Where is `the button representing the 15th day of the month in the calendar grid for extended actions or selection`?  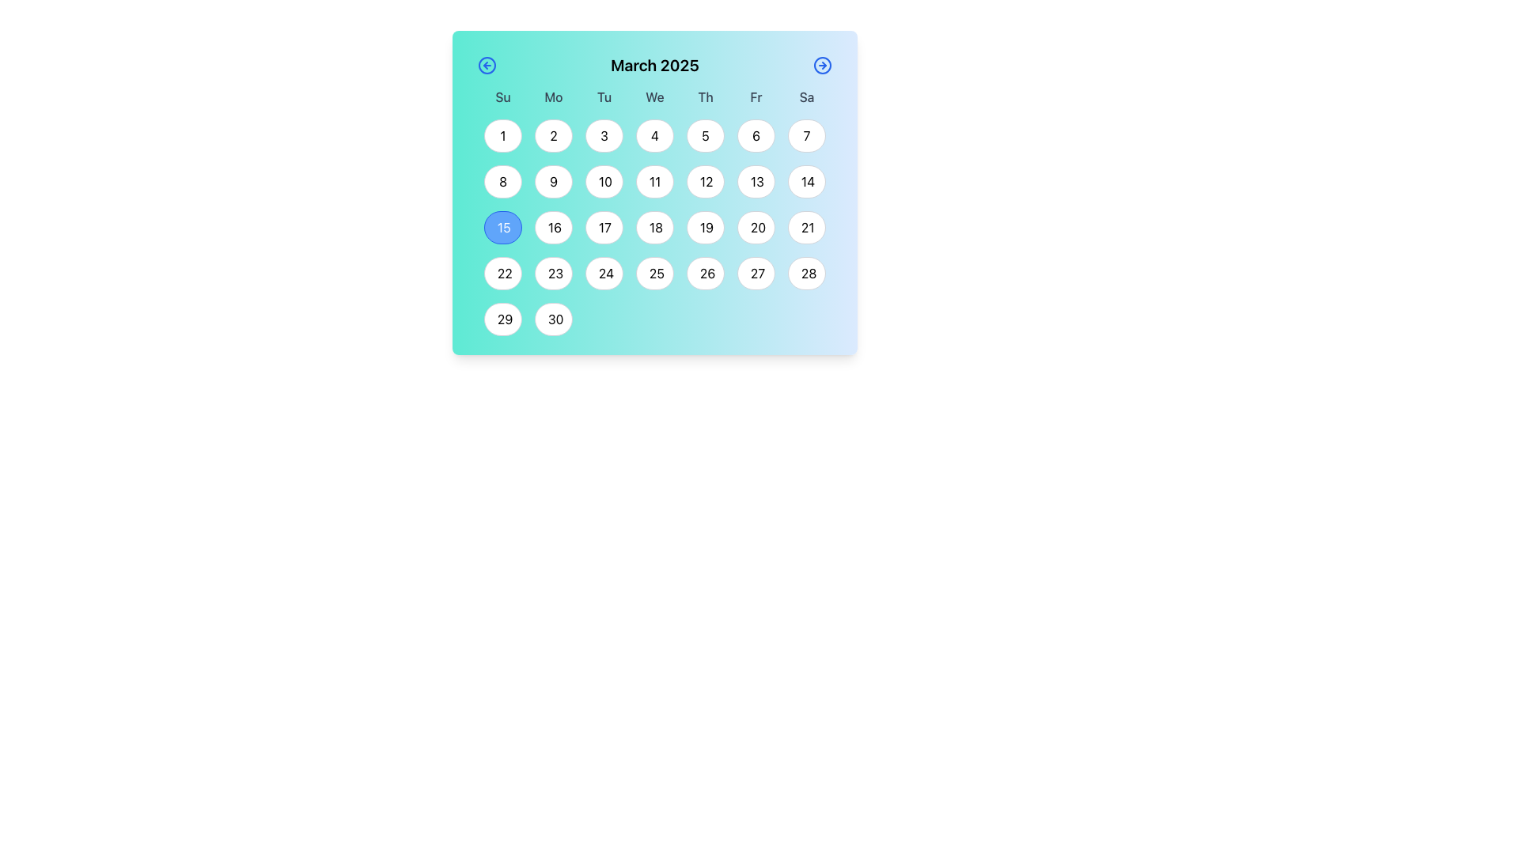 the button representing the 15th day of the month in the calendar grid for extended actions or selection is located at coordinates (502, 228).